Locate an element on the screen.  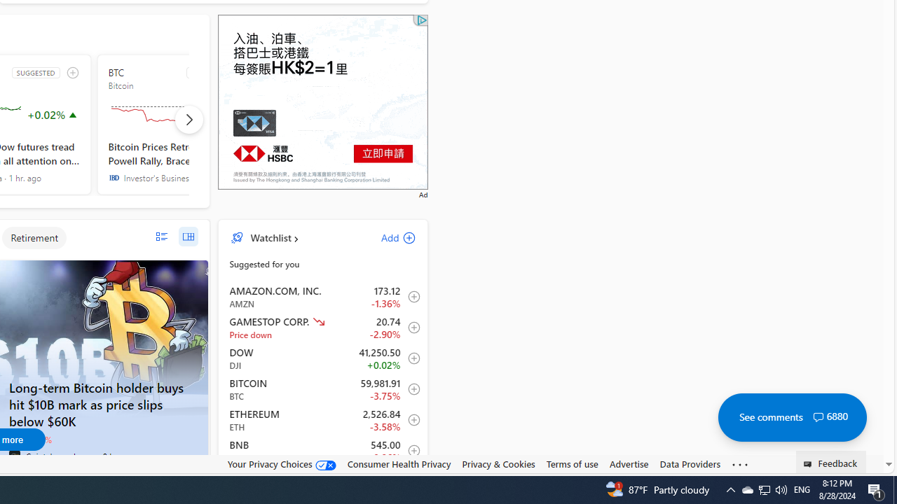
'Advertisement' is located at coordinates (322, 101).